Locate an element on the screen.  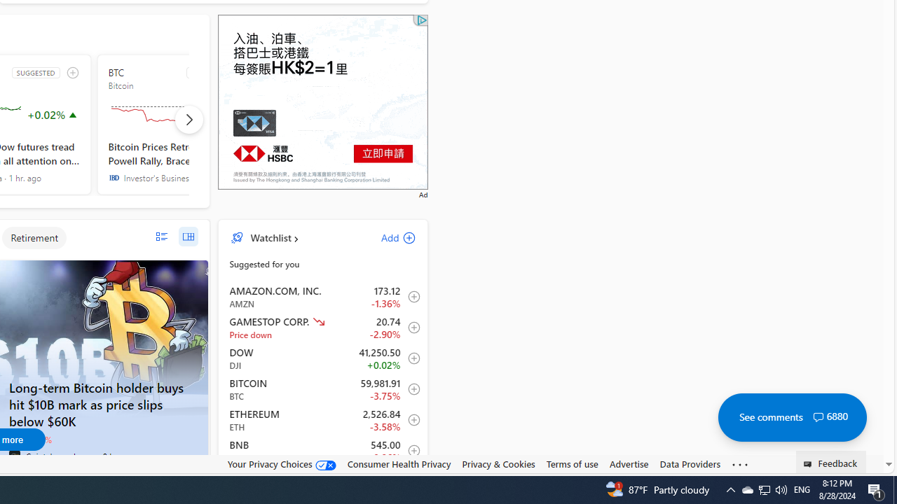
'Advertisement' is located at coordinates (322, 101).